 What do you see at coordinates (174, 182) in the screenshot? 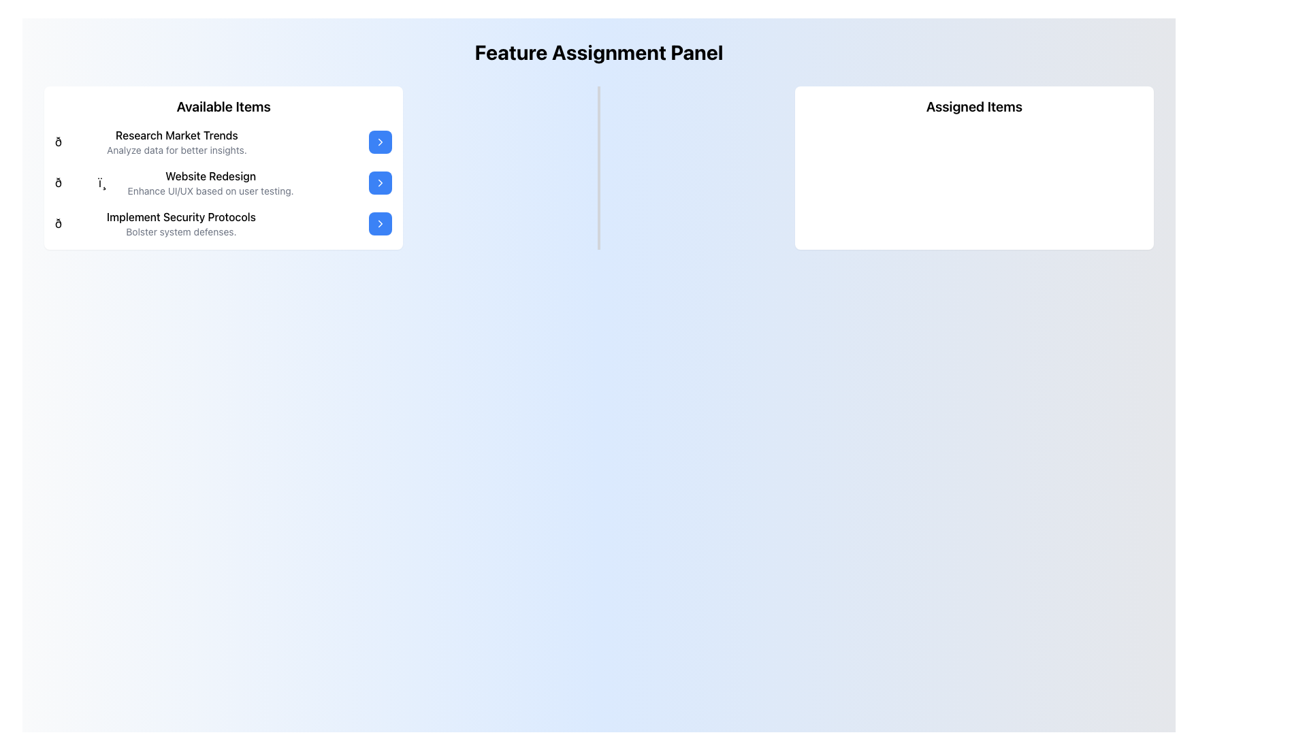
I see `the second list item in the 'Available Items' section that describes the 'Website Redesign' task` at bounding box center [174, 182].